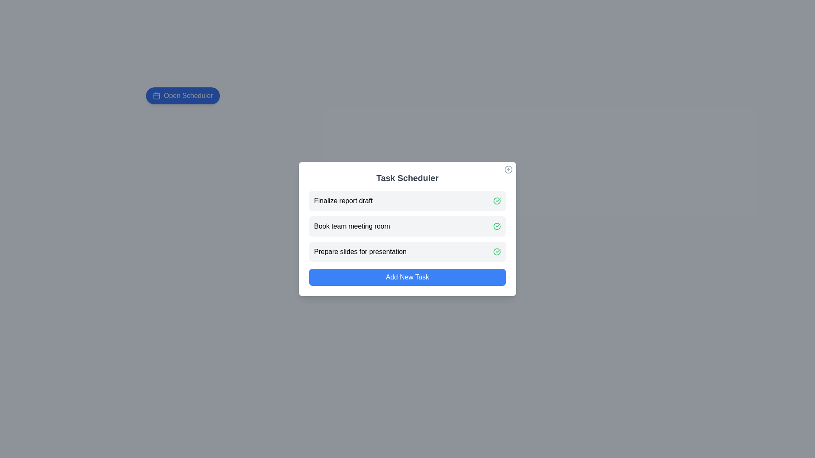 The image size is (815, 458). Describe the element at coordinates (497, 226) in the screenshot. I see `the status visually of the circular graphic icon with a green border and tick mark, which indicates the completed status of the 'Finalize report draft' task in the task scheduler modal` at that location.